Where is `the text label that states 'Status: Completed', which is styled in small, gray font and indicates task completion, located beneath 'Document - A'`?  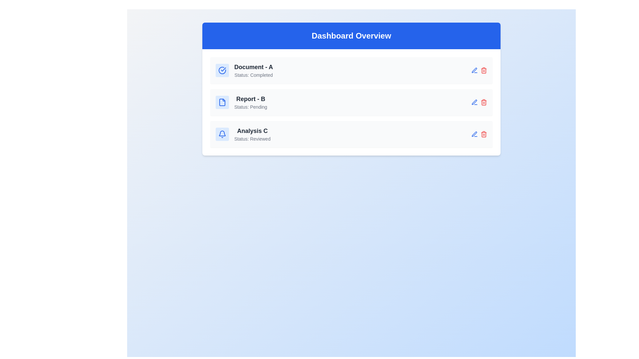 the text label that states 'Status: Completed', which is styled in small, gray font and indicates task completion, located beneath 'Document - A' is located at coordinates (253, 75).